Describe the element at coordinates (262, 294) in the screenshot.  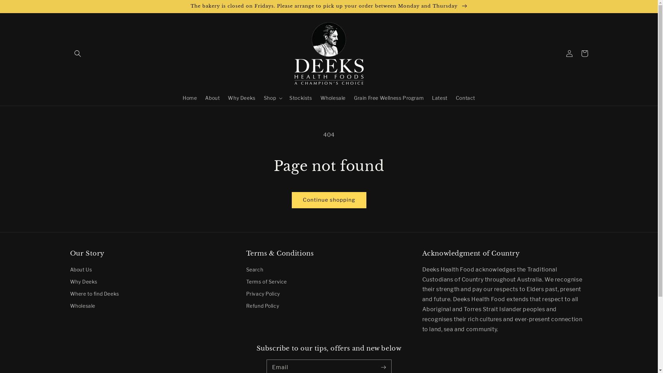
I see `'Privacy Policy'` at that location.